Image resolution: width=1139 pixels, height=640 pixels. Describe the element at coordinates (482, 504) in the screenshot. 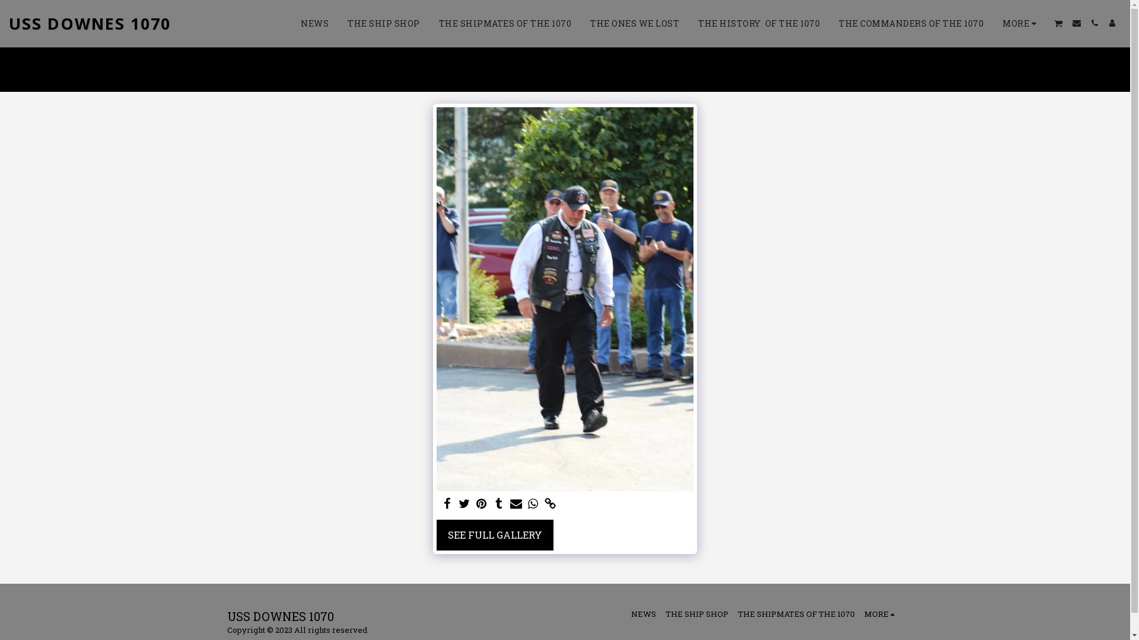

I see `'Pin it'` at that location.